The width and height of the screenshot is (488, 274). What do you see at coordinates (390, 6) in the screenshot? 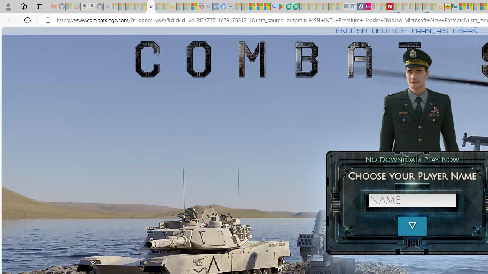
I see `'Latest Politics News & Archive | Newsweek.com'` at bounding box center [390, 6].